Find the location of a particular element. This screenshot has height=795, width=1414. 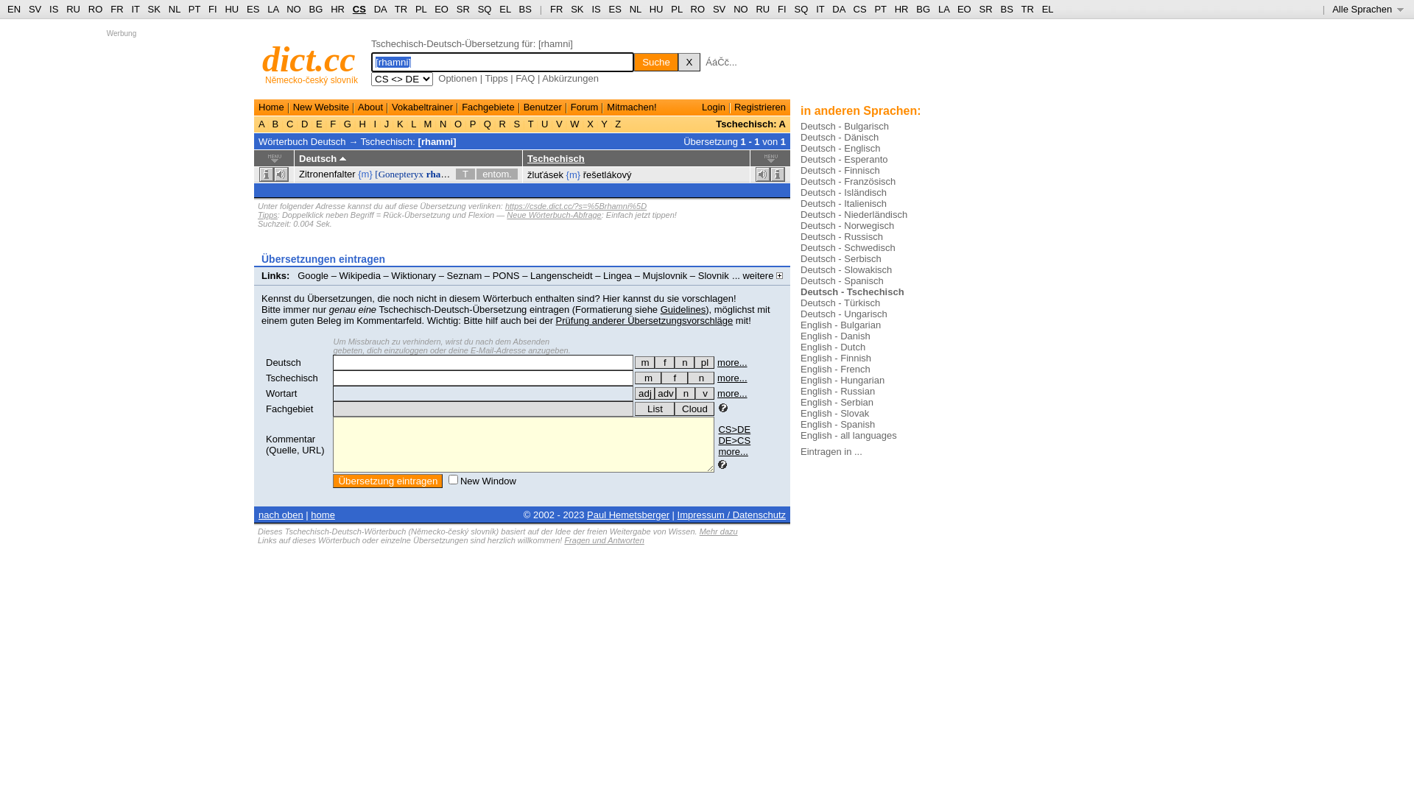

'Deutsch - Bulgarisch' is located at coordinates (799, 125).